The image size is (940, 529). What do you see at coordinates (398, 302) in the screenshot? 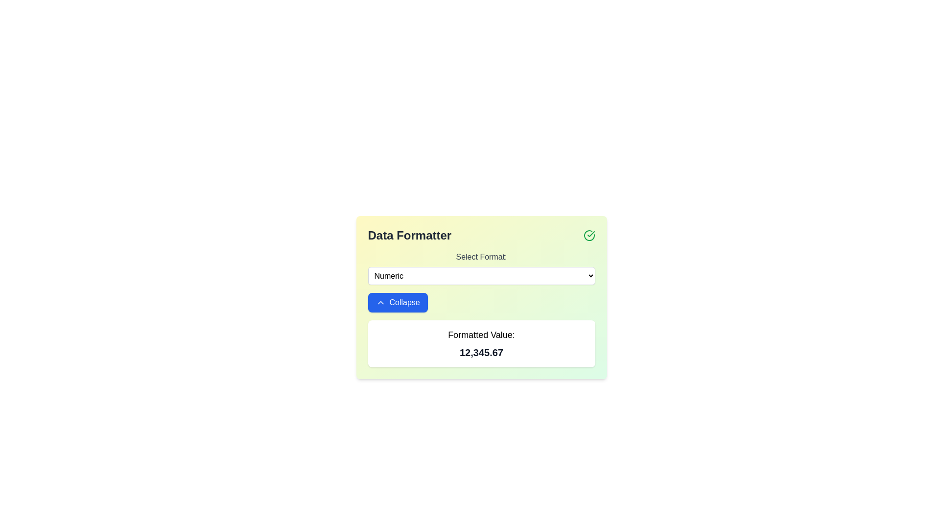
I see `the 'Collapse' button, which is a rectangular button with a blue background and white text, located beneath the 'Select Format:' dropdown in the 'Data Formatter' panel` at bounding box center [398, 302].